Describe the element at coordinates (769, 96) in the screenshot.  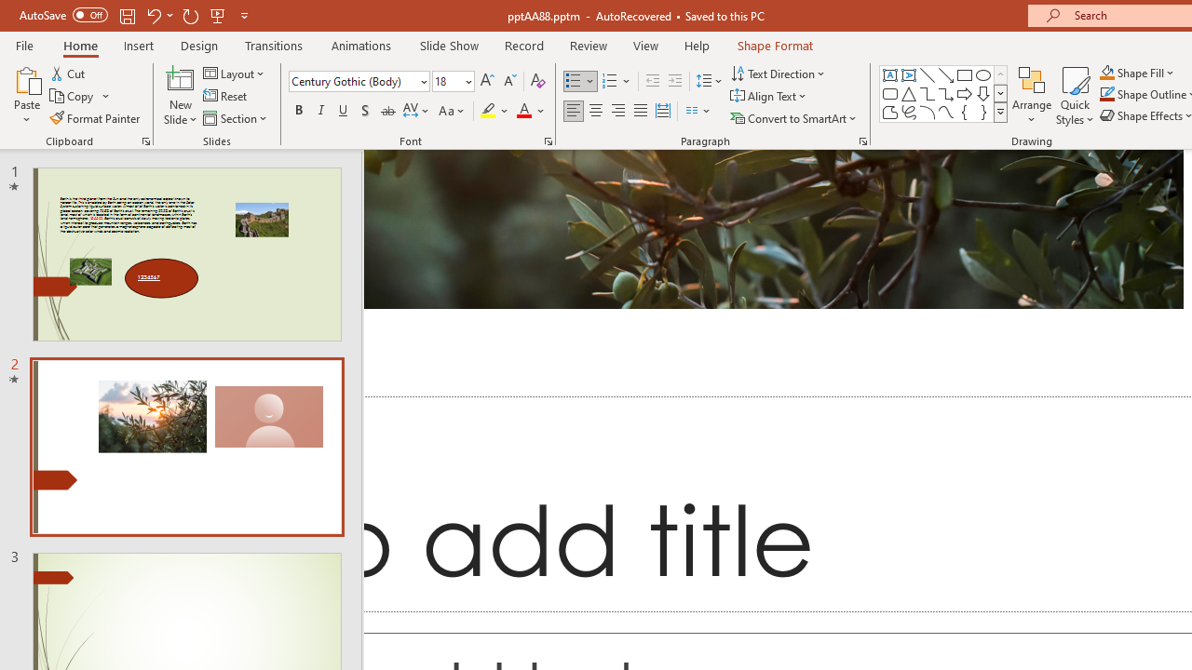
I see `'Align Text'` at that location.